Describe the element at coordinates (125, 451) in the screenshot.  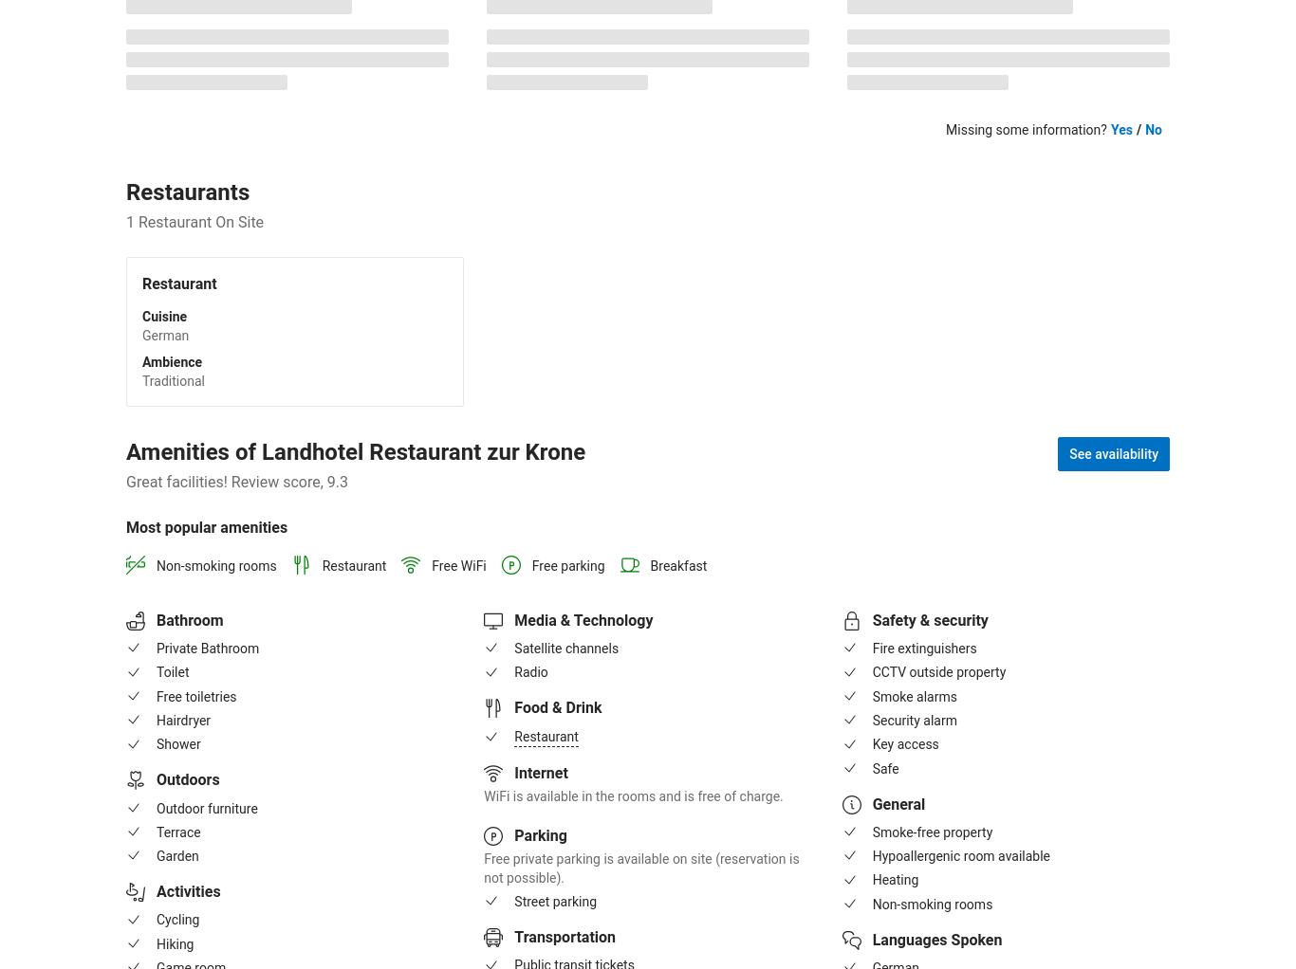
I see `'Amenities of Landhotel Restaurant zur Krone'` at that location.